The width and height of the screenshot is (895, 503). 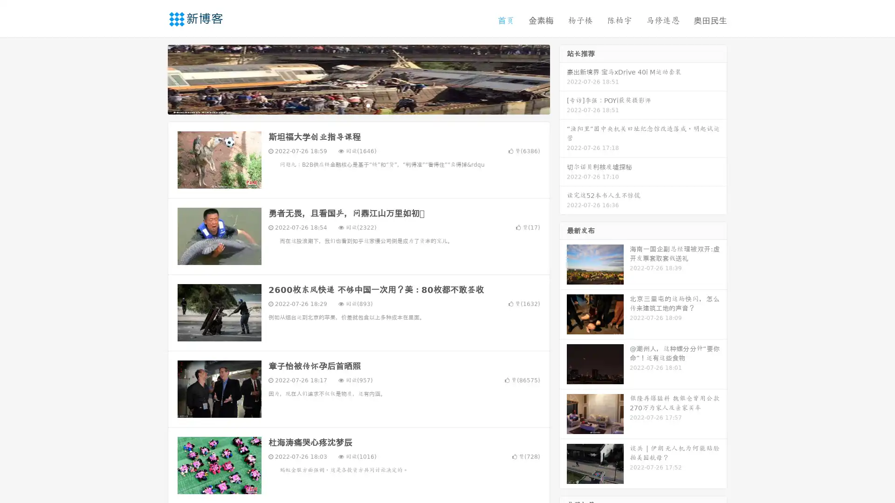 I want to click on Previous slide, so click(x=154, y=78).